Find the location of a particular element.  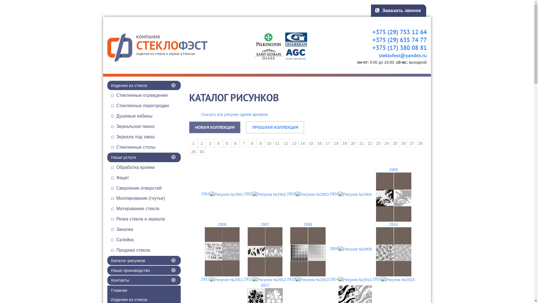

'13' is located at coordinates (290, 143).